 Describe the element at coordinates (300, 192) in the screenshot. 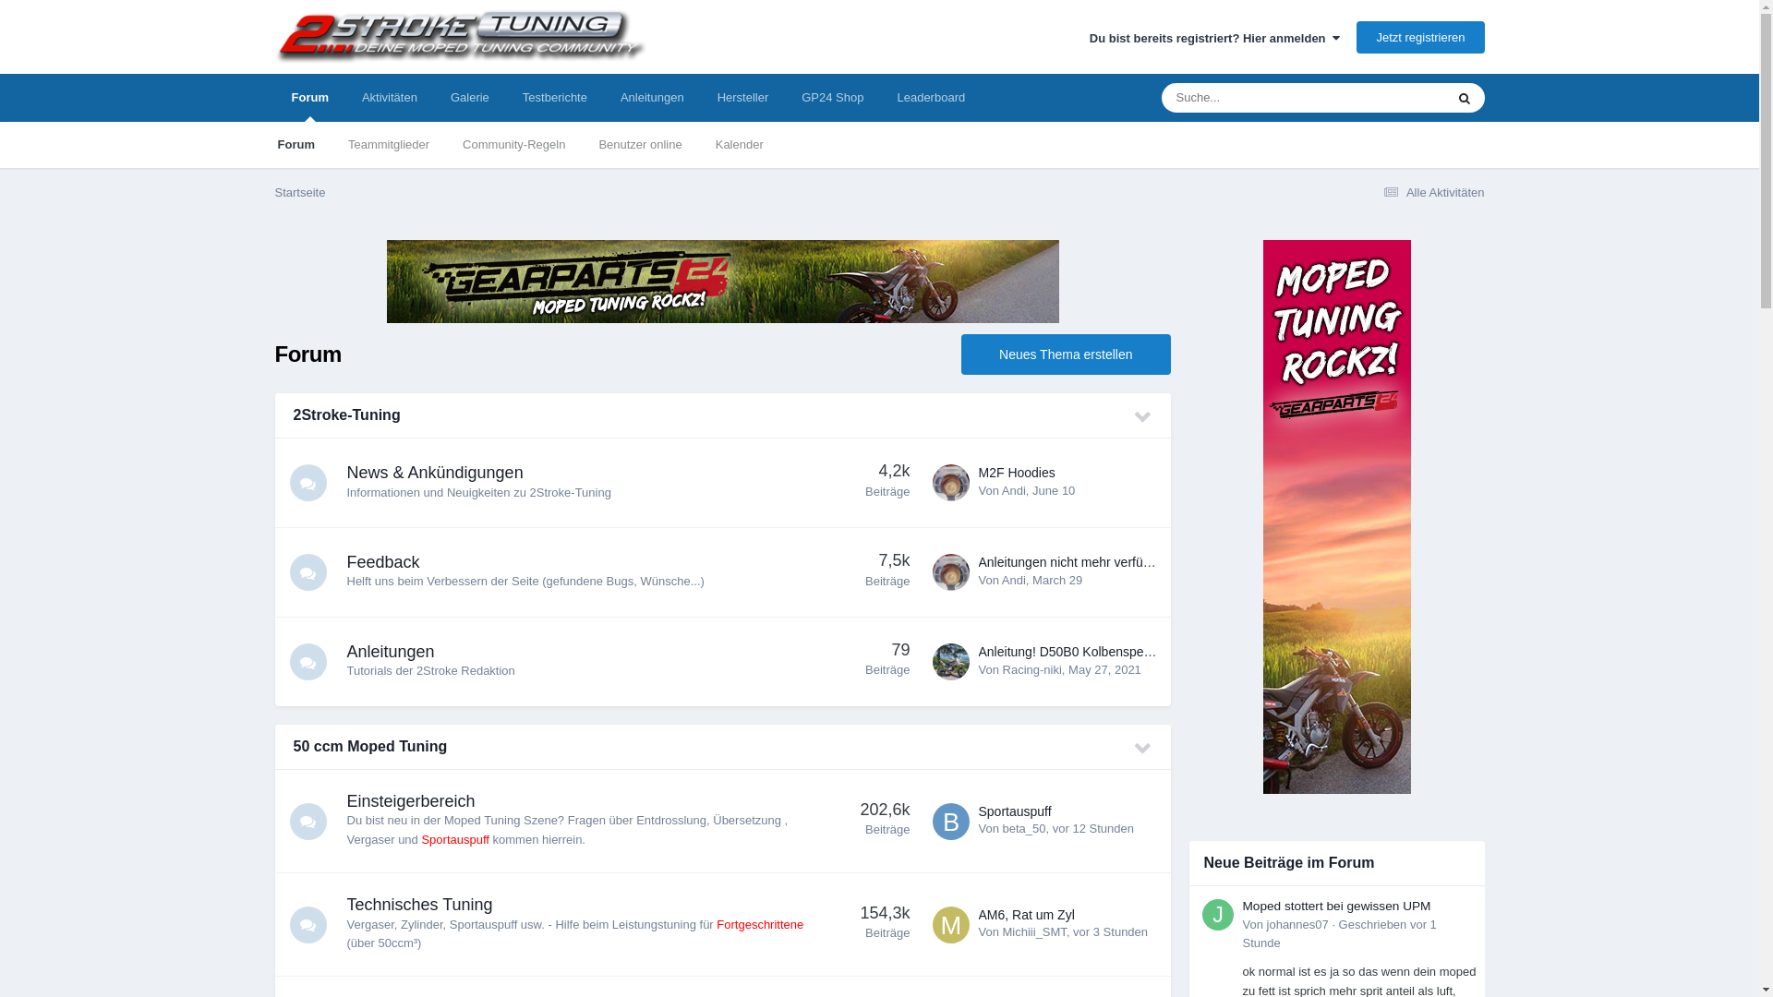

I see `'Startseite'` at that location.